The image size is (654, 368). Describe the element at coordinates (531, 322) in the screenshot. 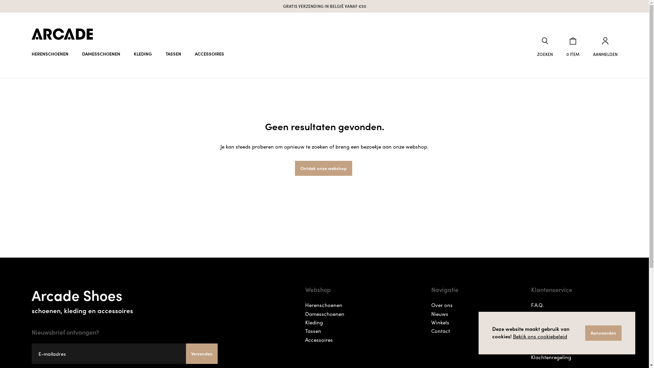

I see `'Disclaimer'` at that location.